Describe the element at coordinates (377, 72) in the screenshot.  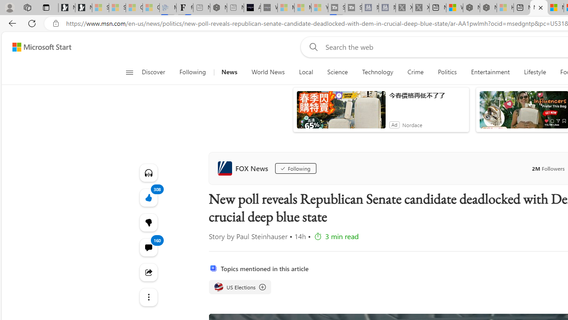
I see `'Technology'` at that location.